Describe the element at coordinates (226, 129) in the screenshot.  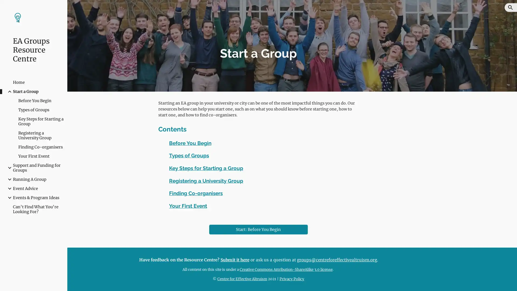
I see `Copy heading link` at that location.